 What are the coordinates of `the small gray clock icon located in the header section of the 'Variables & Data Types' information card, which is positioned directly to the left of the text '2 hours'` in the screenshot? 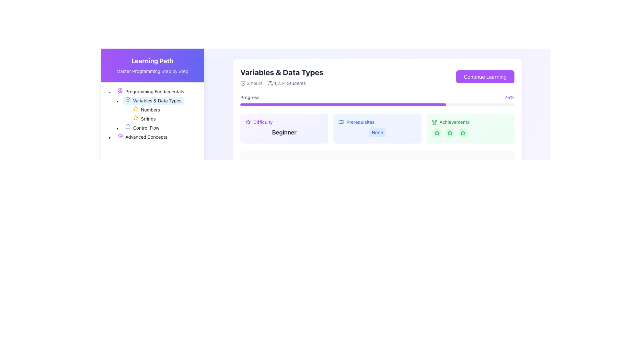 It's located at (242, 83).